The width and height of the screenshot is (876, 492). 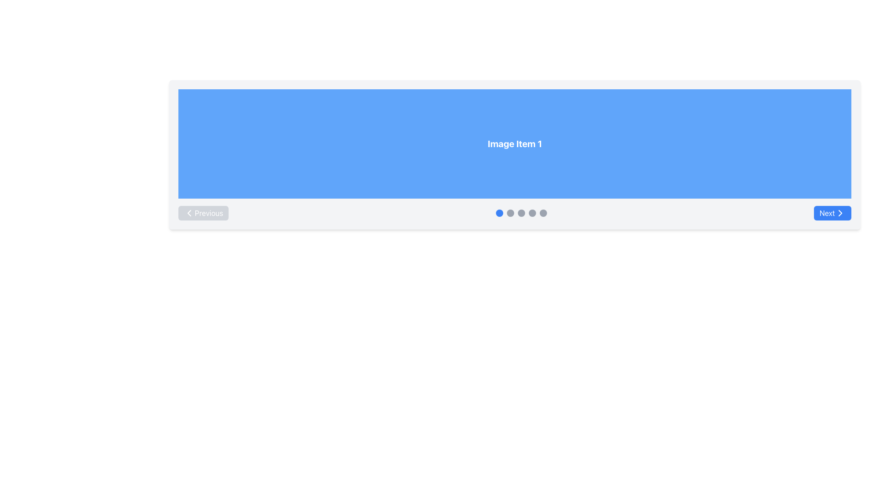 What do you see at coordinates (510, 213) in the screenshot?
I see `the second circular icon indicator with a gray background, located centrally near the bottom of the interface` at bounding box center [510, 213].